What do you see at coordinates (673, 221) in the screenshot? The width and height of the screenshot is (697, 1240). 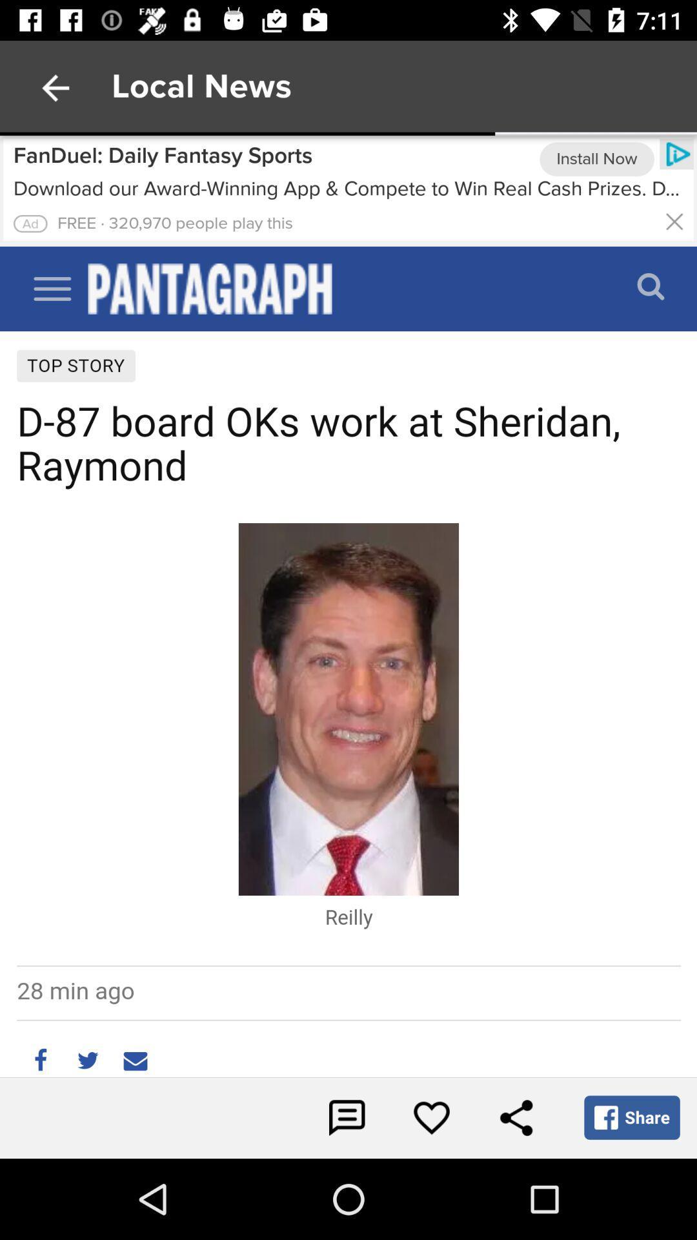 I see `the page` at bounding box center [673, 221].